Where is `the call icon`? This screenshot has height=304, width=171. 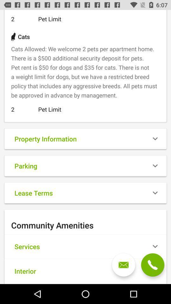 the call icon is located at coordinates (152, 265).